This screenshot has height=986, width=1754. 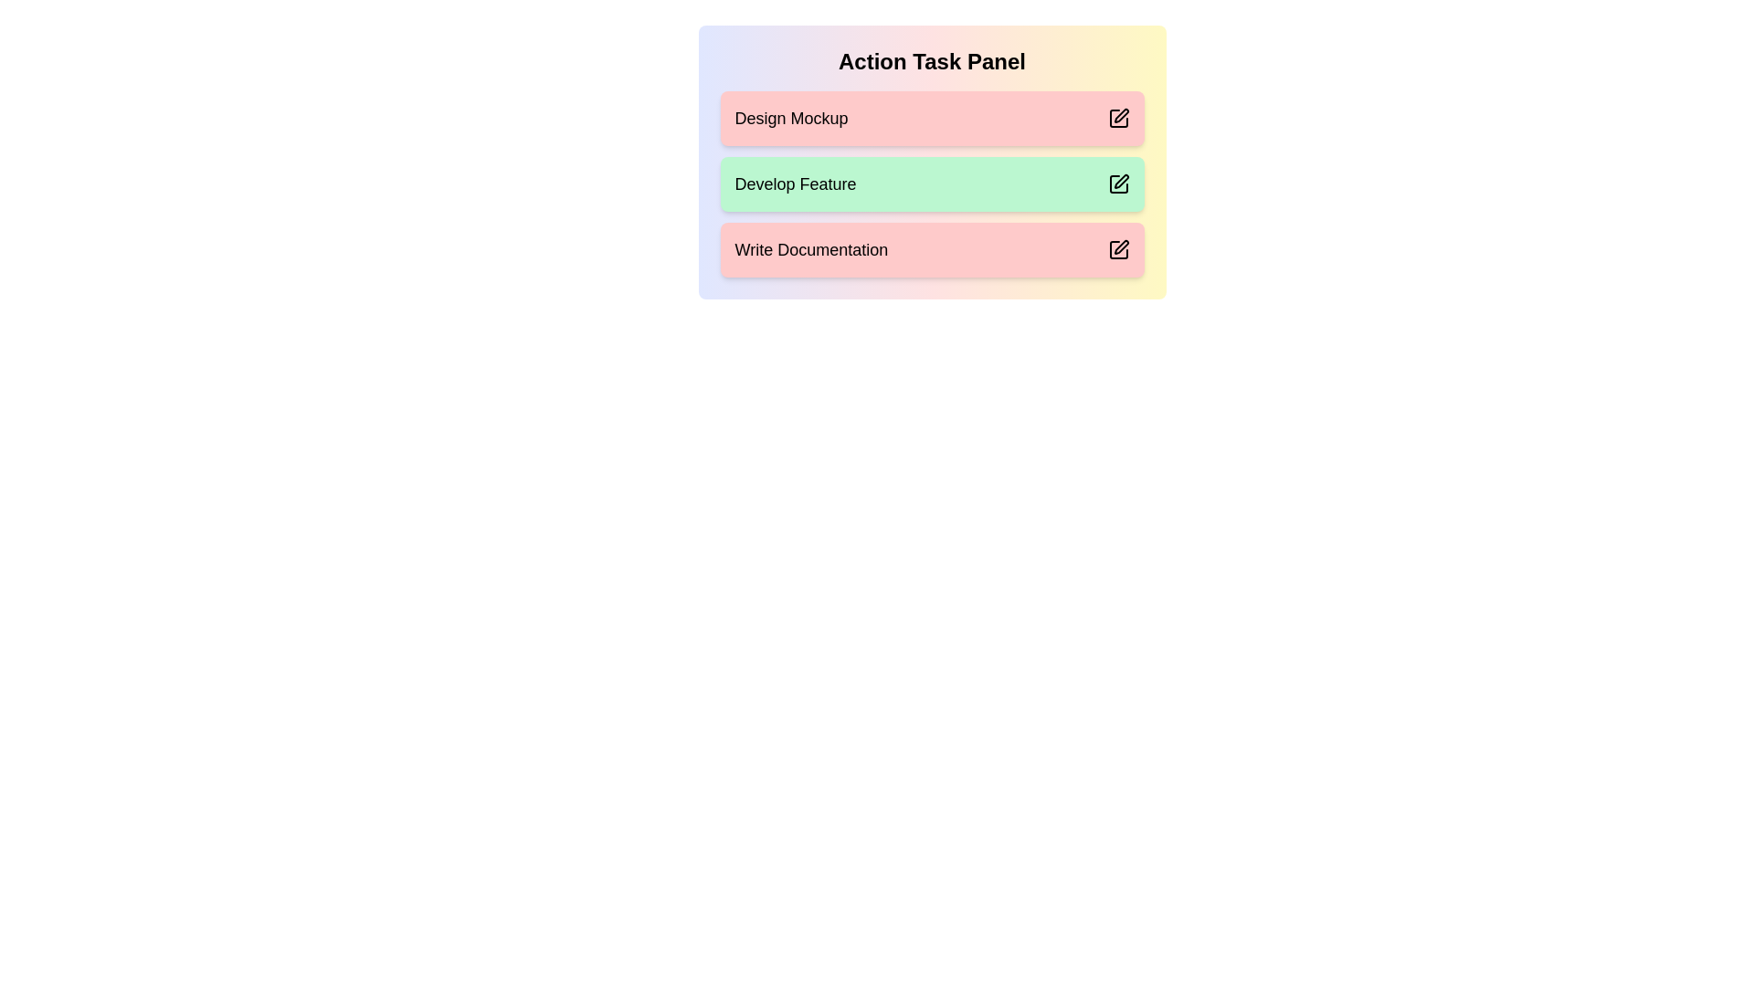 What do you see at coordinates (932, 119) in the screenshot?
I see `the task Design Mockup to observe its hover effect` at bounding box center [932, 119].